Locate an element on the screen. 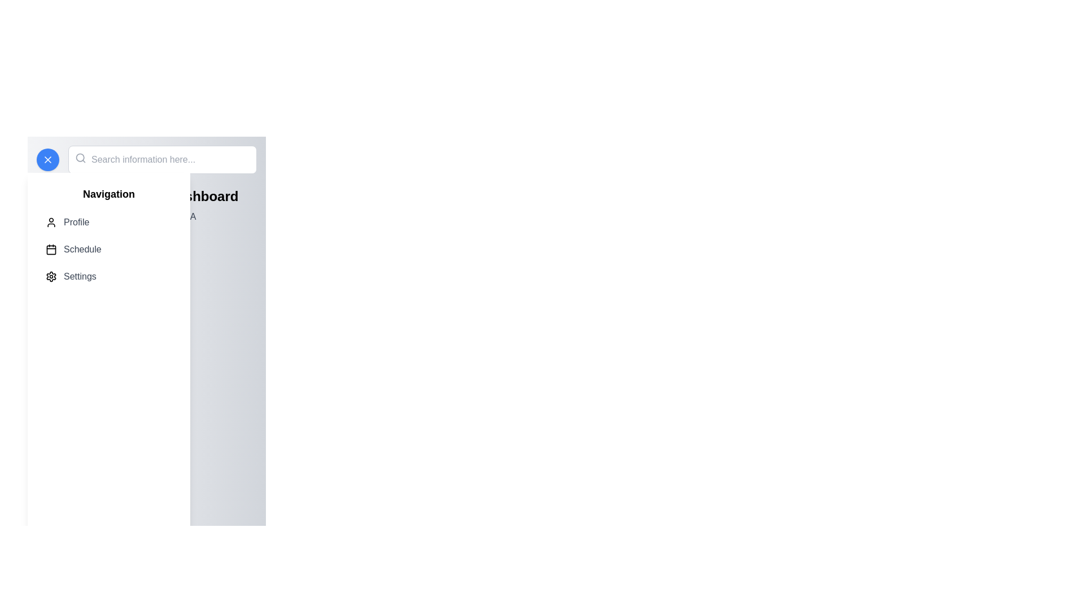 Image resolution: width=1084 pixels, height=610 pixels. the decorative rectangle within the calendar icon located to the left of the 'Schedule' text in the navigation menu is located at coordinates (51, 249).